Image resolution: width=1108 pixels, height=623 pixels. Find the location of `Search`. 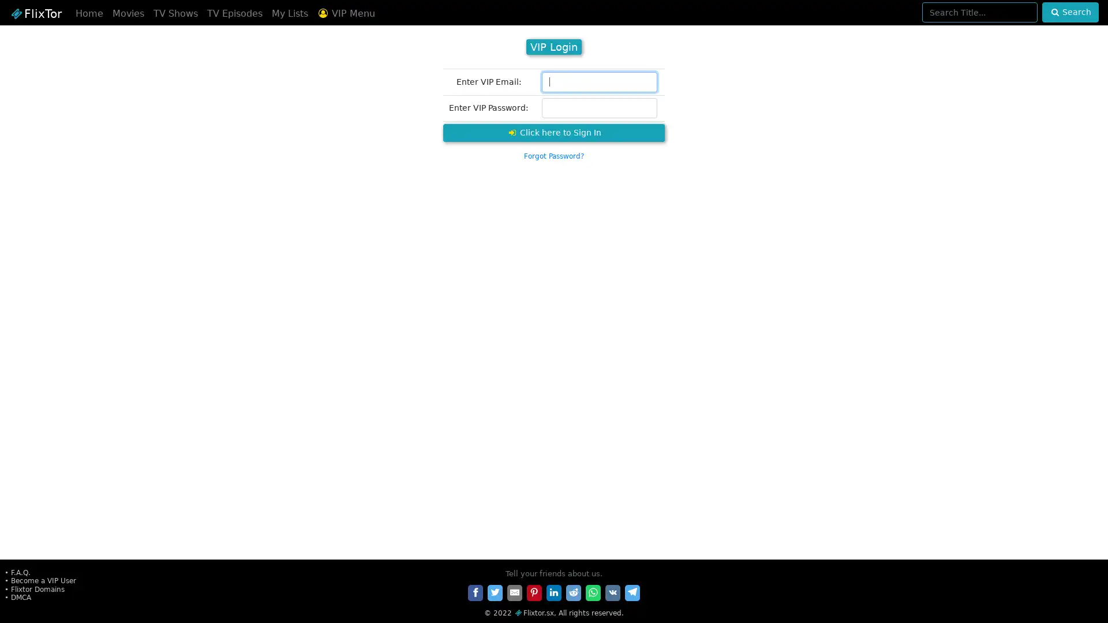

Search is located at coordinates (1069, 12).